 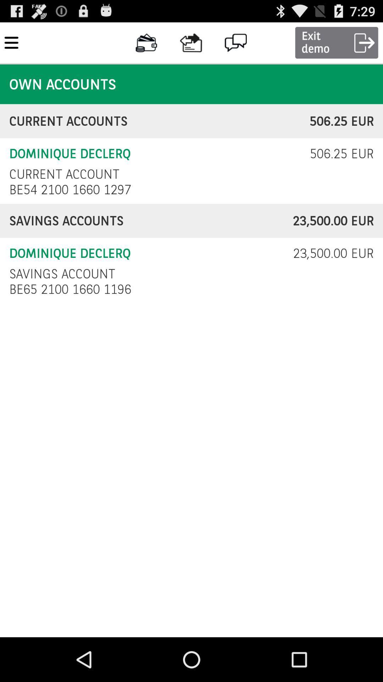 I want to click on icon to the left of the 506.25 eur item, so click(x=160, y=121).